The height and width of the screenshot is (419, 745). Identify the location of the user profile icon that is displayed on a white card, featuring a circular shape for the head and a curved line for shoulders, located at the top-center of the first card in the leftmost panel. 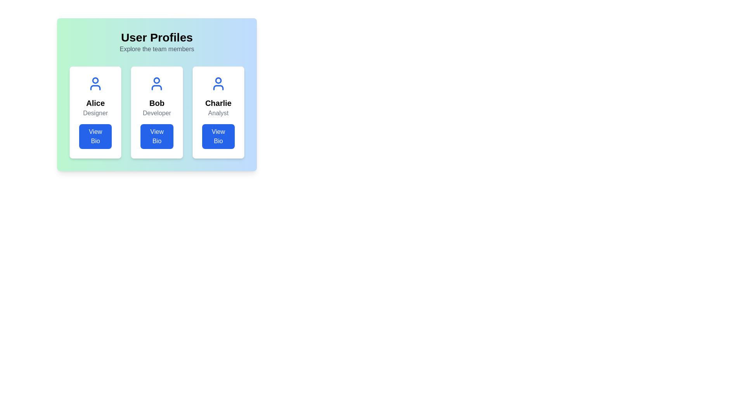
(95, 84).